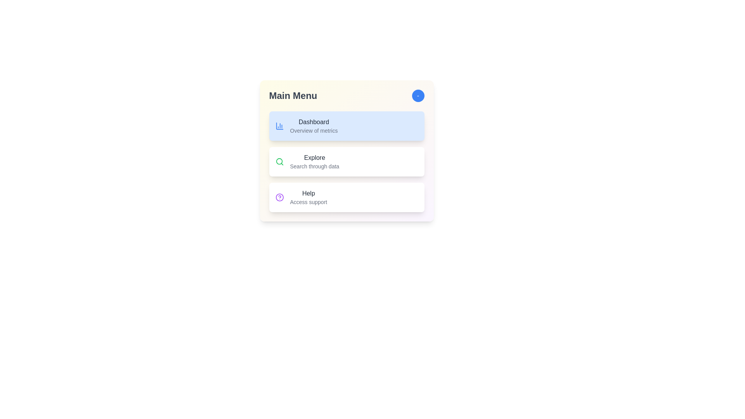 The width and height of the screenshot is (745, 419). I want to click on the icon for Explore in the menu, so click(279, 161).